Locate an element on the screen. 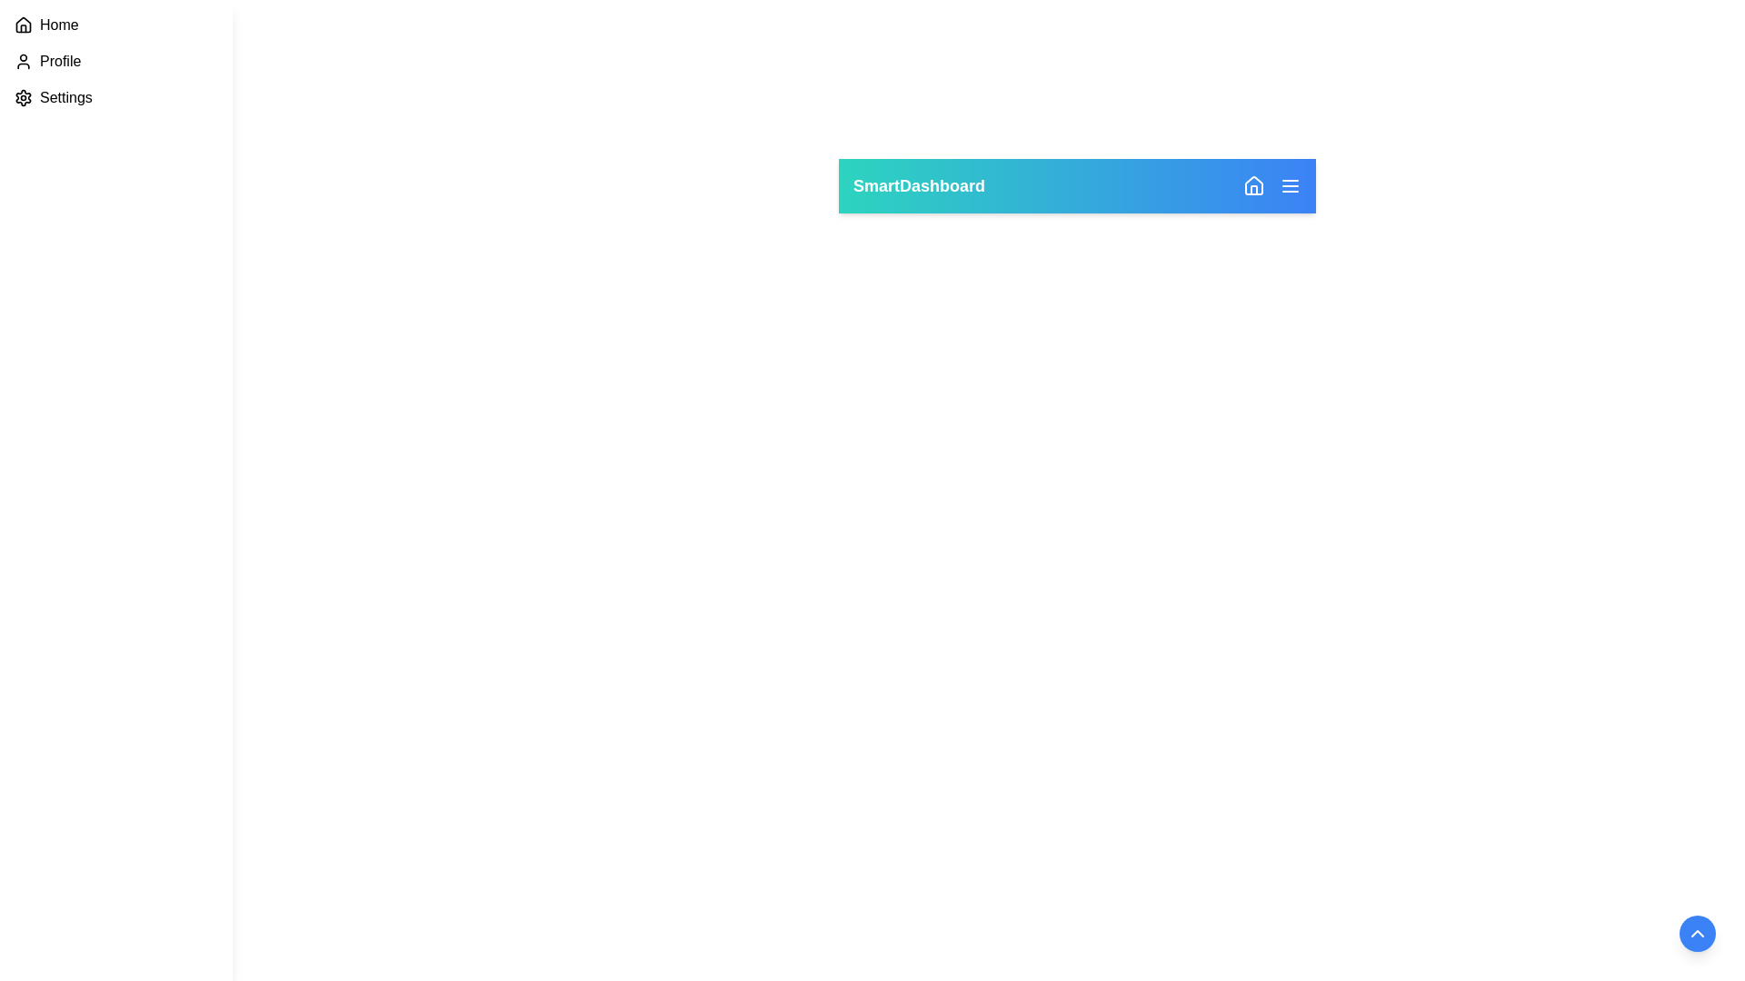  the house icon located in the sidebar navigation panel, which is positioned above the text 'Home.' is located at coordinates (23, 25).